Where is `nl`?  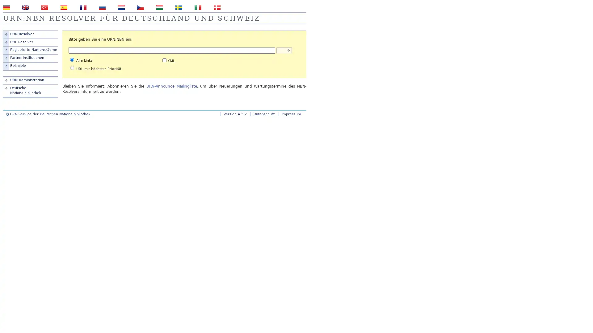 nl is located at coordinates (121, 7).